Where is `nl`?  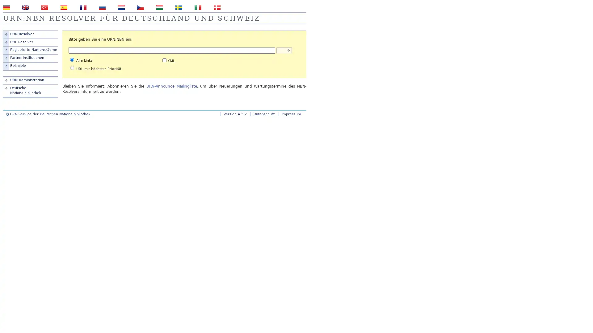 nl is located at coordinates (121, 7).